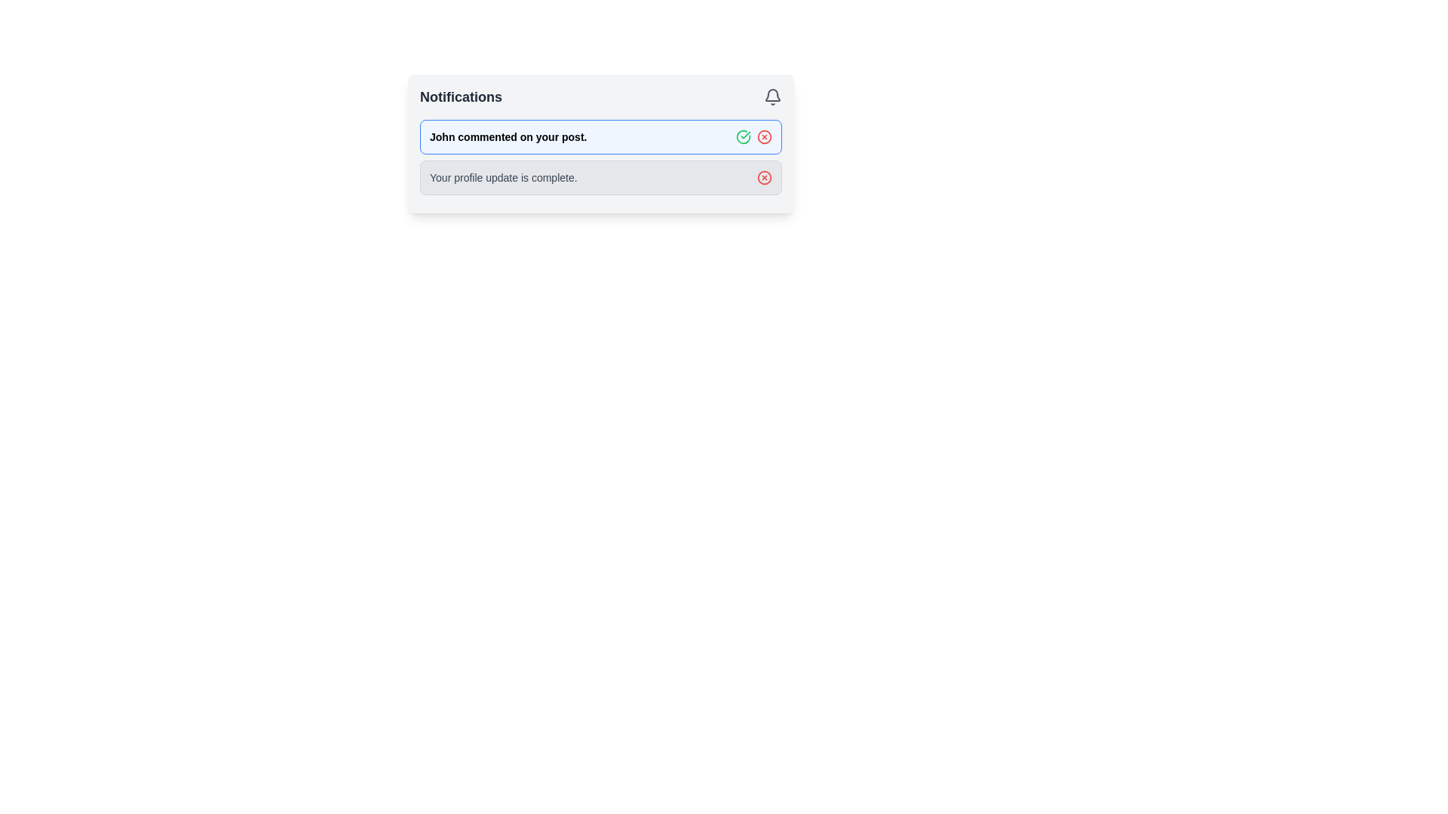  Describe the element at coordinates (764, 136) in the screenshot. I see `the Circular SVG shape that is part of the close button symbol in the notification panel mentioning 'John commented on your post.'` at that location.